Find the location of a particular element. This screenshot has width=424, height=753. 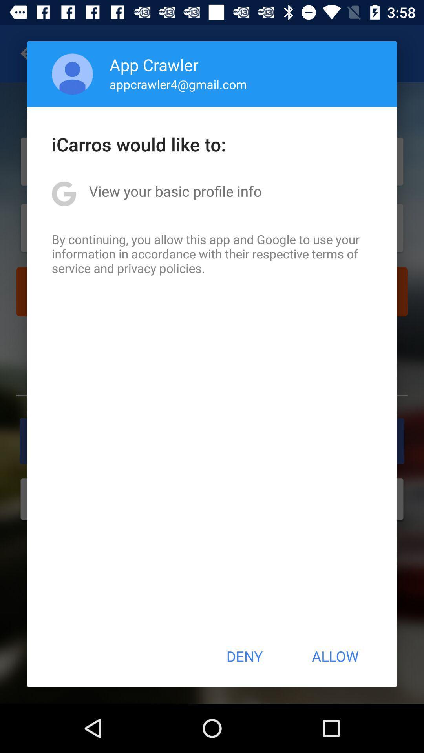

the icon below the by continuing you app is located at coordinates (244, 656).